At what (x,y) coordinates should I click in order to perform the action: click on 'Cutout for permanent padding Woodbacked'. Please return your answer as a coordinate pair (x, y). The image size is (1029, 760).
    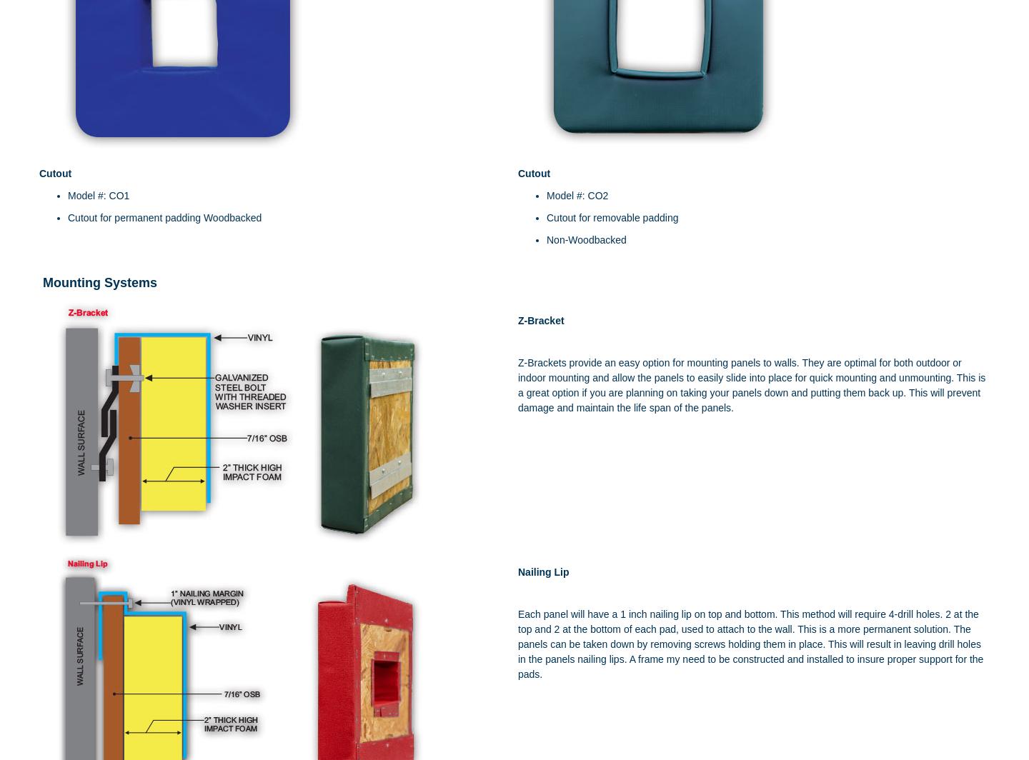
    Looking at the image, I should click on (164, 218).